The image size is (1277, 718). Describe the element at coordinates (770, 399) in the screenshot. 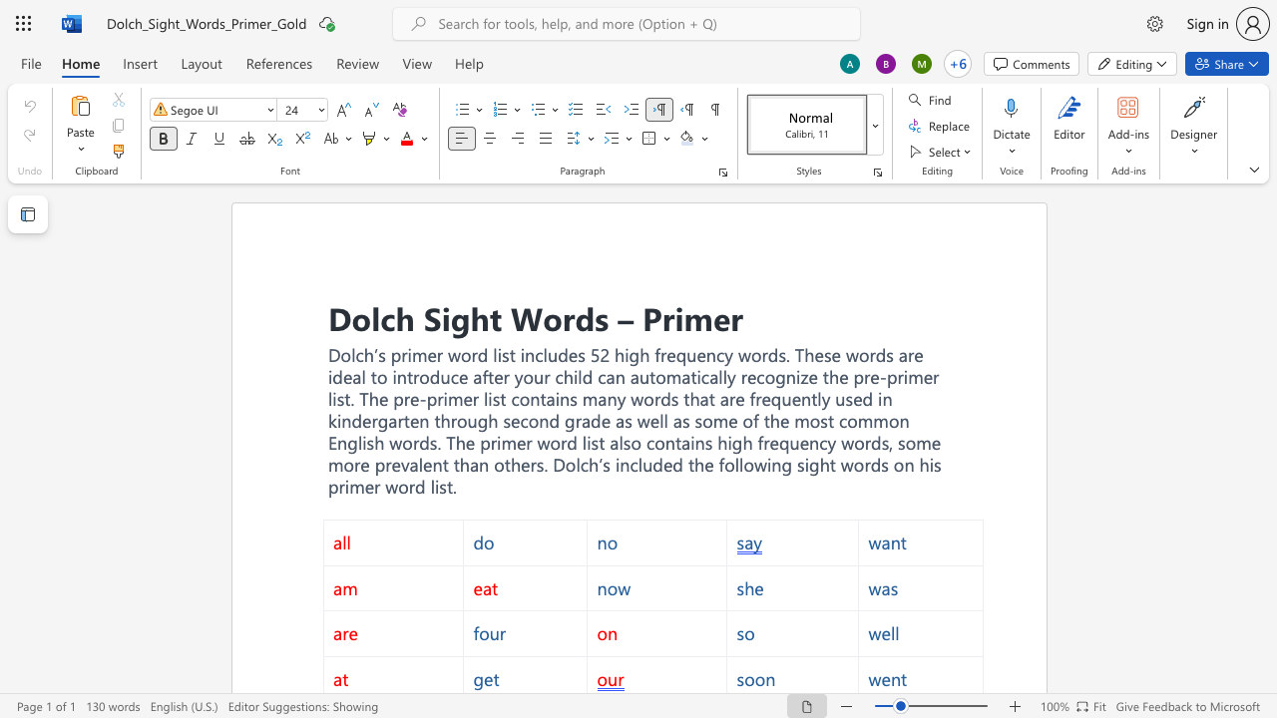

I see `the space between the continuous character "e" and "q" in the text` at that location.